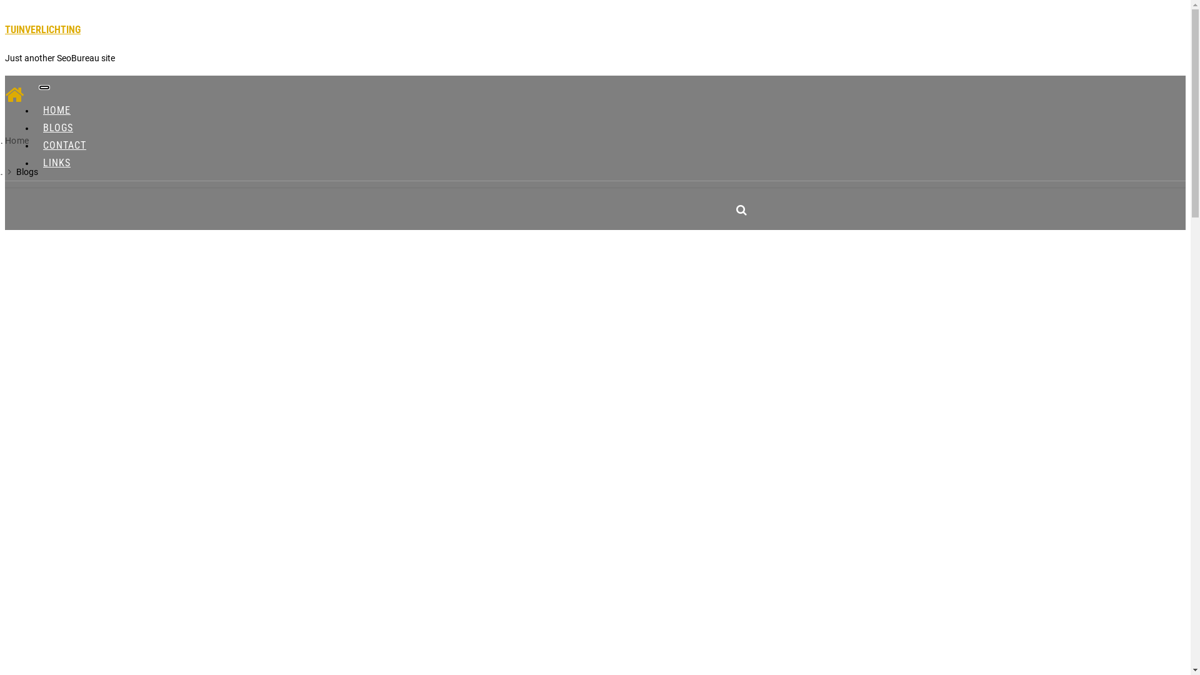 The height and width of the screenshot is (675, 1200). Describe the element at coordinates (57, 127) in the screenshot. I see `'BLOGS'` at that location.